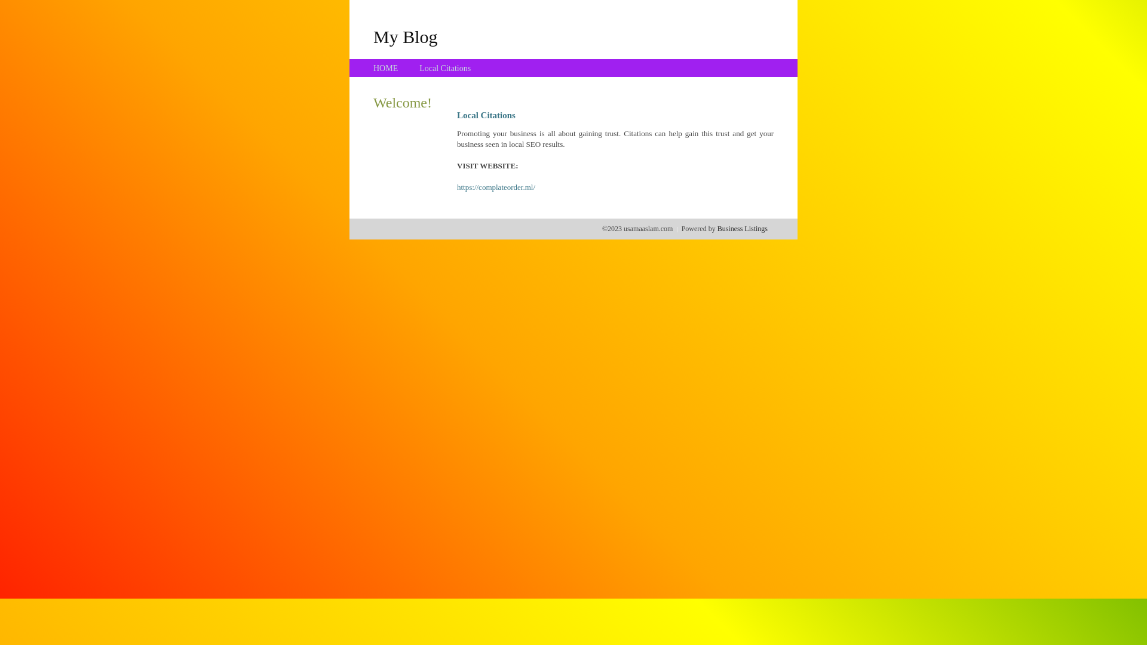 The width and height of the screenshot is (1147, 645). I want to click on 'https://complateorder.ml/', so click(496, 187).